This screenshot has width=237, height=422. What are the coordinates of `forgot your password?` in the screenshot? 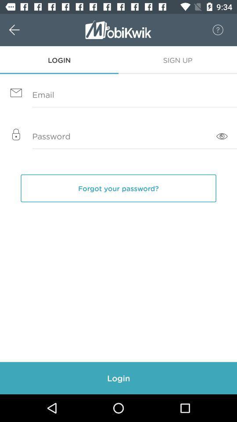 It's located at (118, 188).